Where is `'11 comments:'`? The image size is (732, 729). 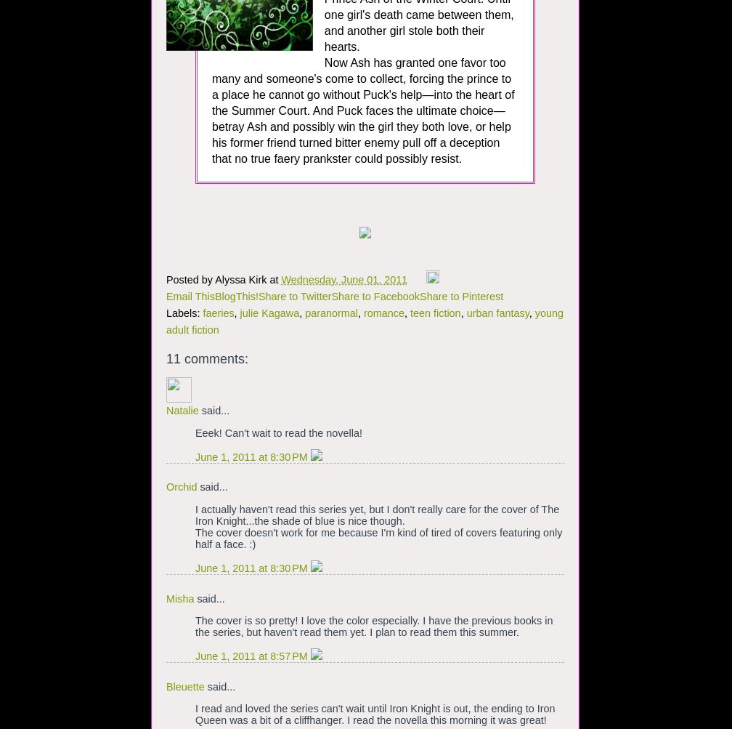
'11 comments:' is located at coordinates (207, 358).